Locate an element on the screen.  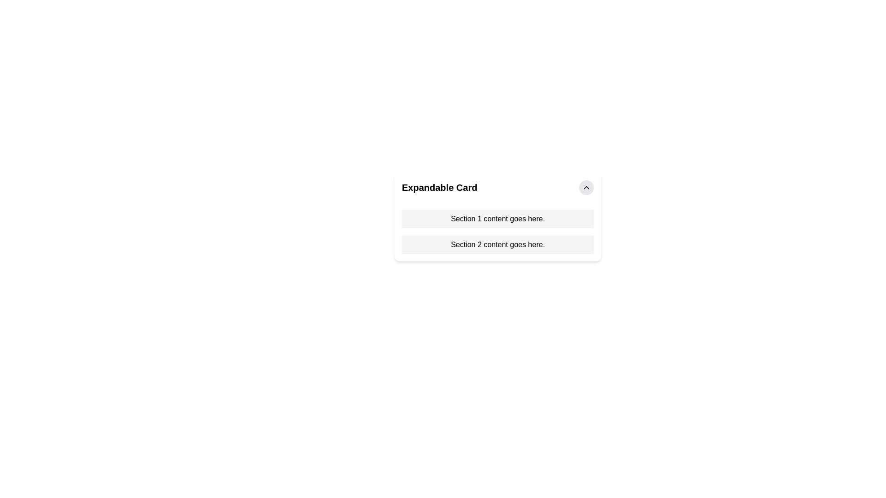
the text block with light gray background containing 'Section 2 content goes here.' which is positioned below the similar block with 'Section 1 content goes here.' is located at coordinates (497, 244).